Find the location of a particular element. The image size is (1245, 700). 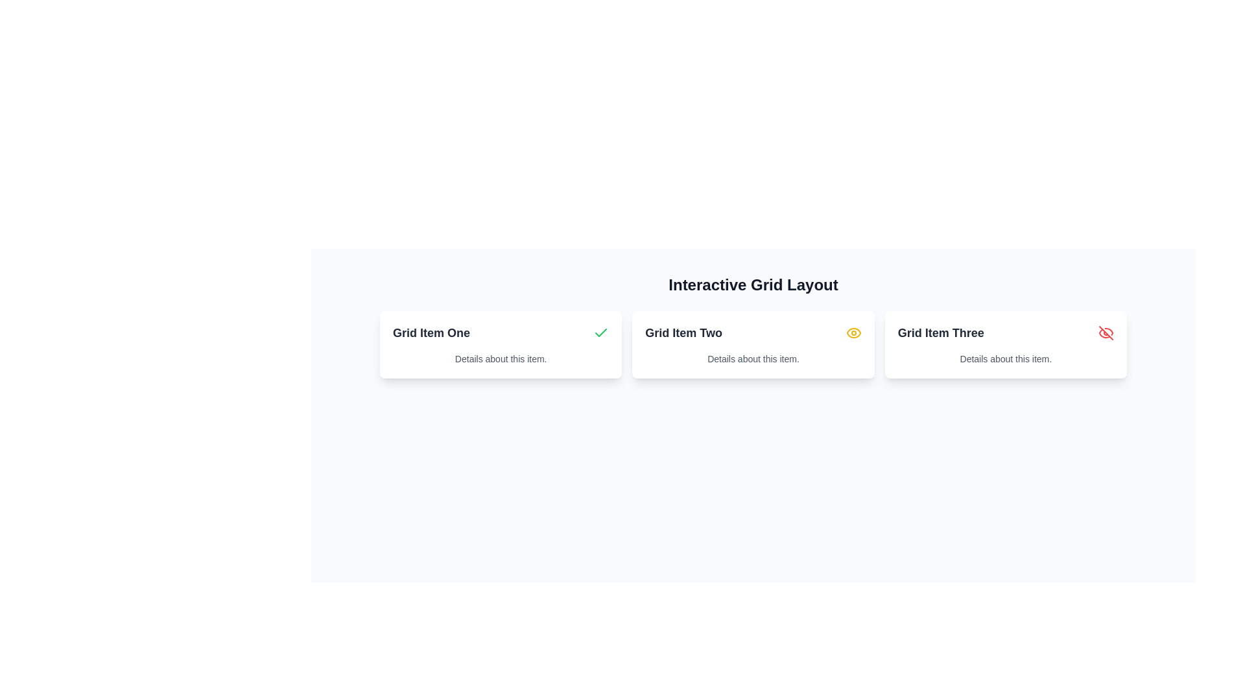

the Text label that provides additional descriptive information about the item in 'Grid Item One', located below the title of the card is located at coordinates (500, 359).